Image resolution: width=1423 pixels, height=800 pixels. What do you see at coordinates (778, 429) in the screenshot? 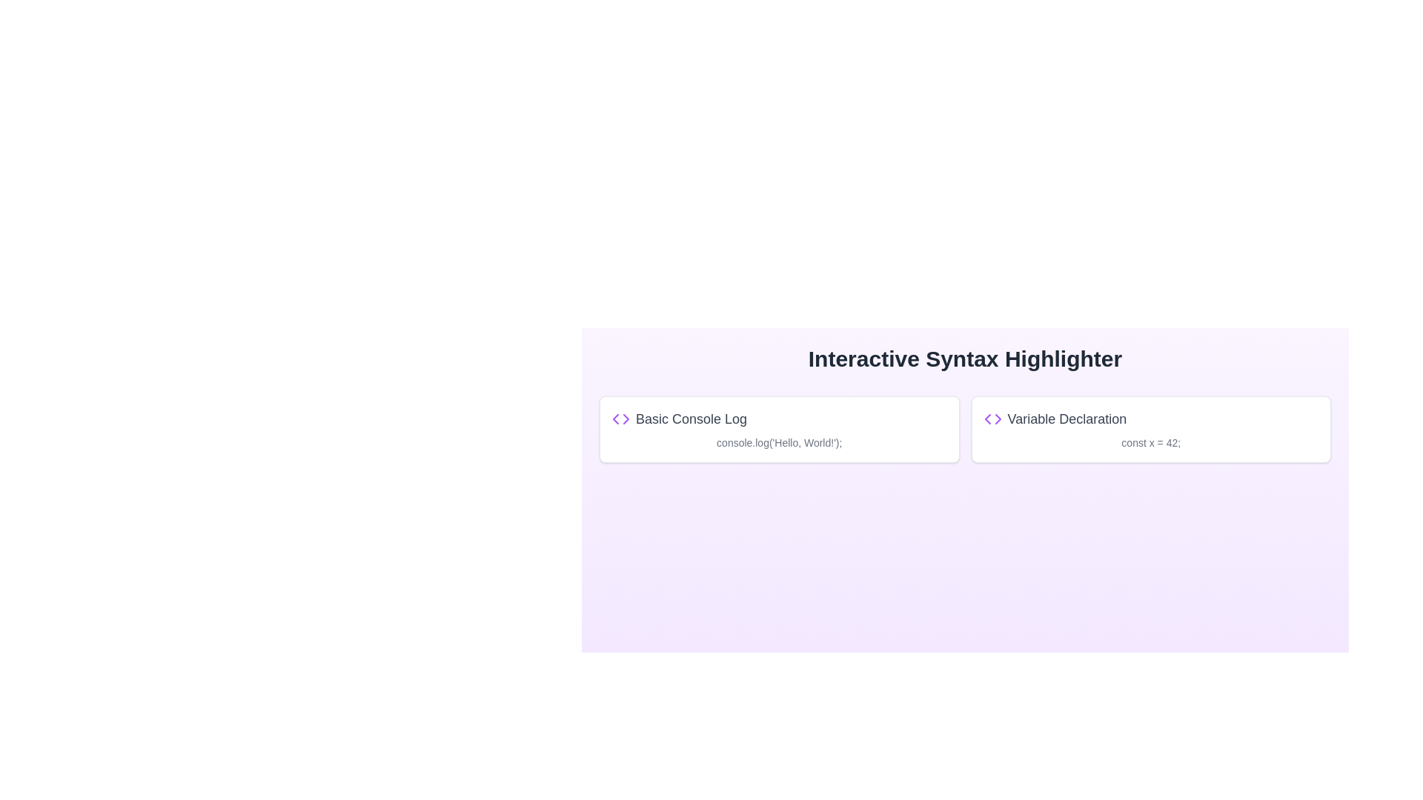
I see `the Information card that provides a code snippet example, which is the first item in the grid layout and positioned to the left of the 'Variable Declaration' card` at bounding box center [778, 429].